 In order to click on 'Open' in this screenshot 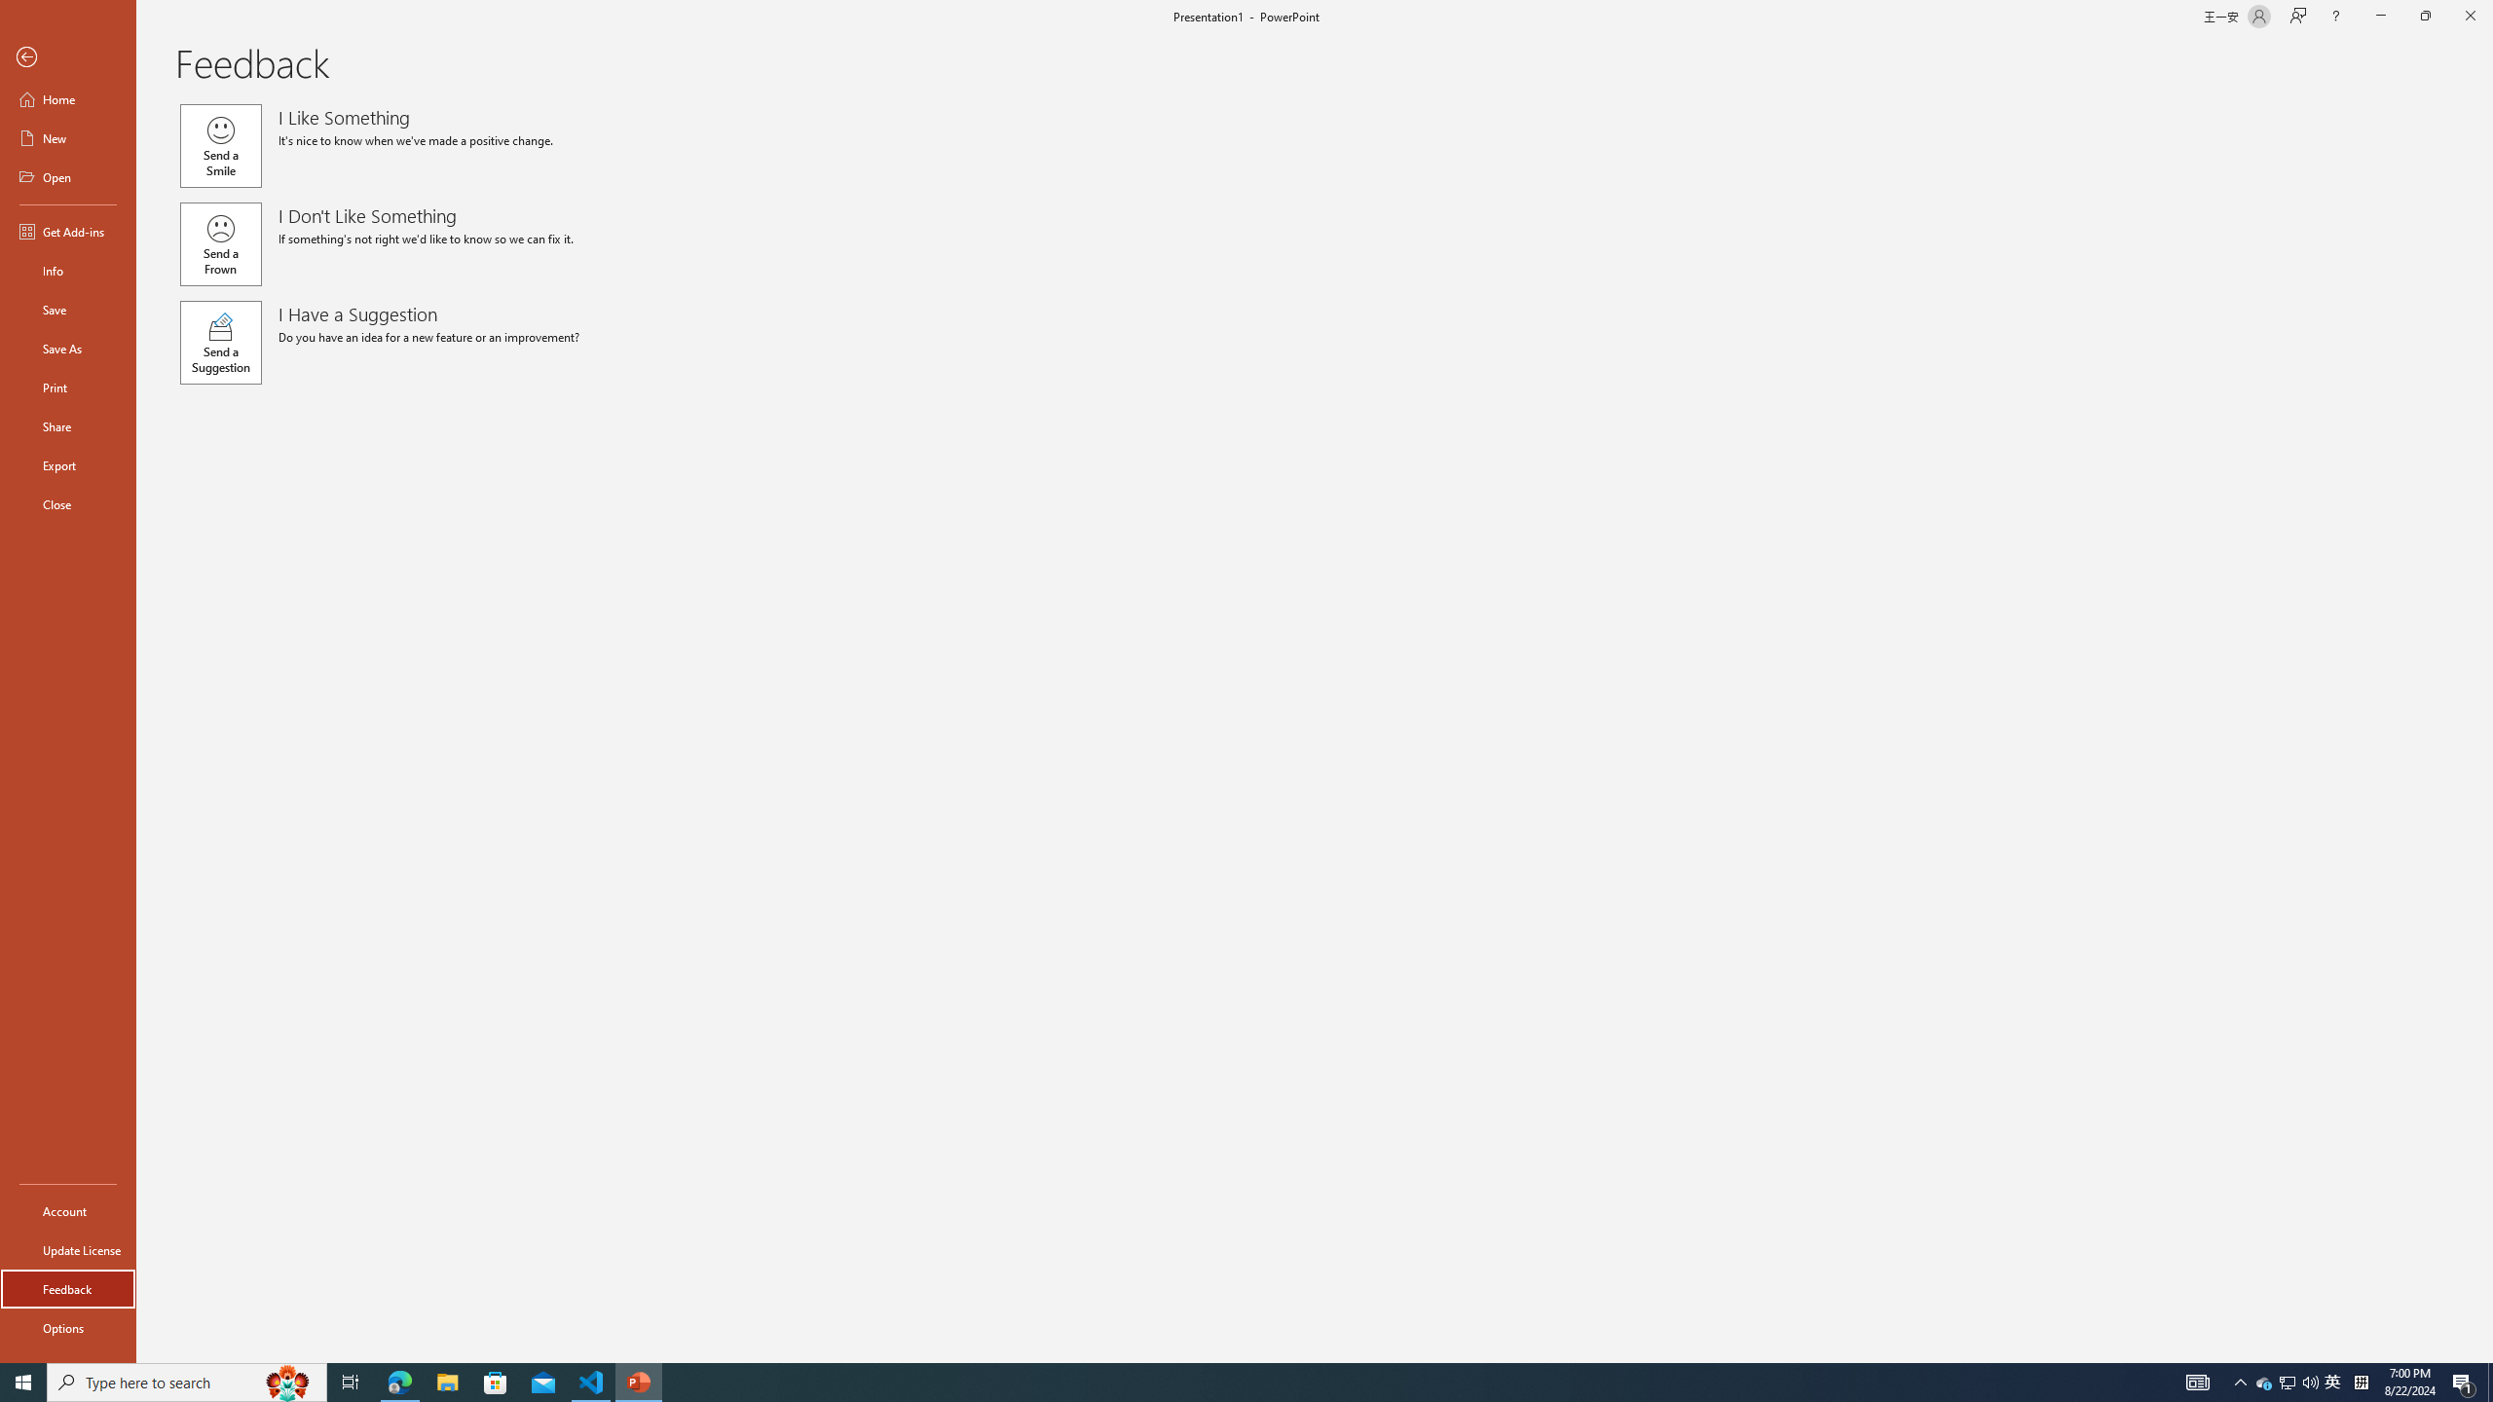, I will do `click(67, 175)`.